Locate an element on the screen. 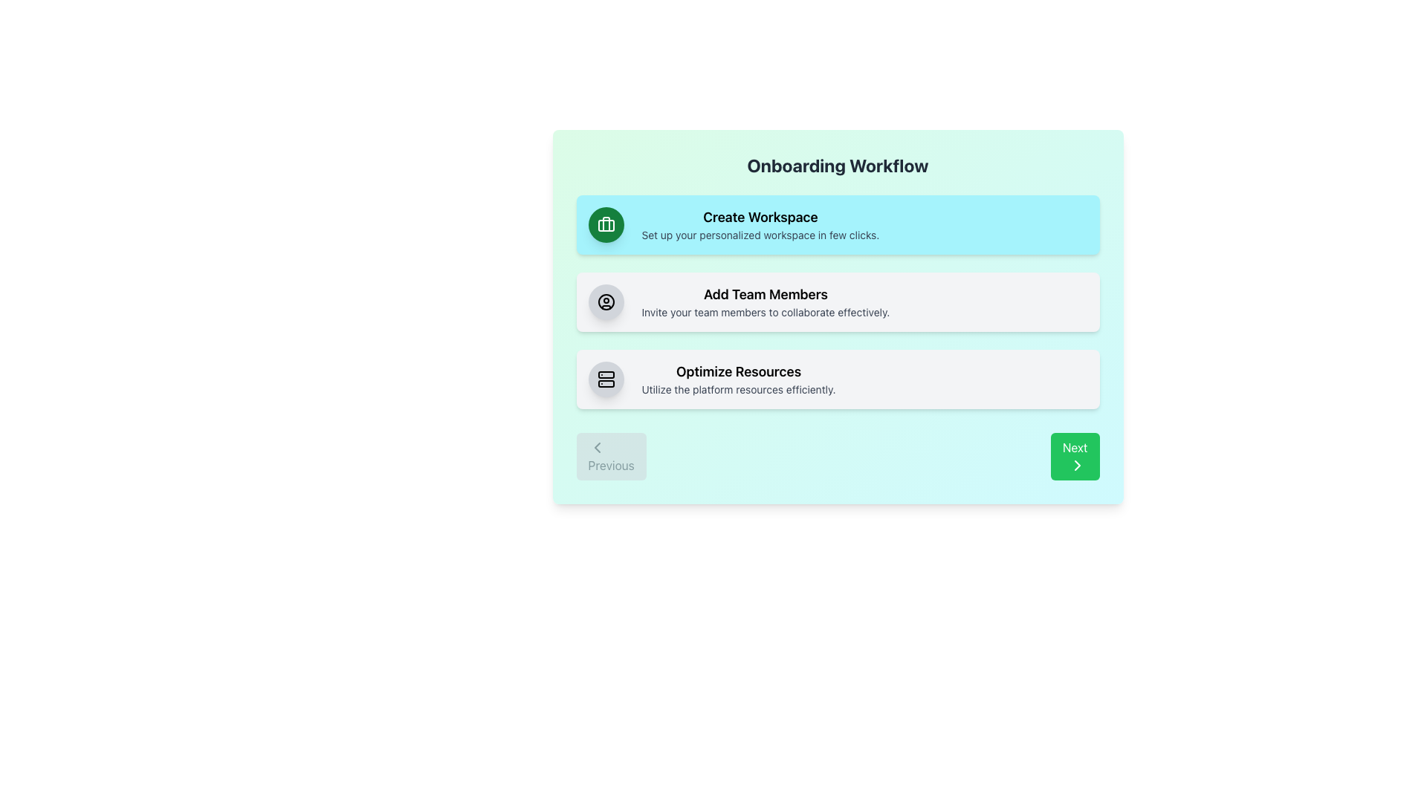 The width and height of the screenshot is (1427, 802). the text block titled 'Create Workspace' that contains the subtitle 'Set up your personalized workspace in few clicks.' on a cyan background is located at coordinates (760, 225).